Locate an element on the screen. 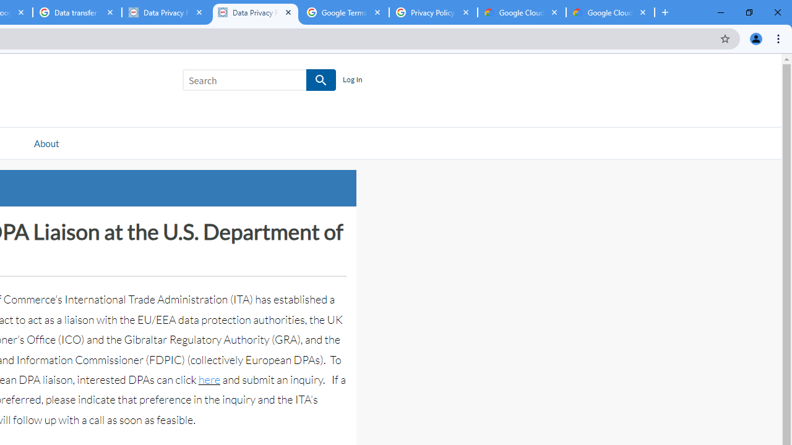  'here' is located at coordinates (209, 379).